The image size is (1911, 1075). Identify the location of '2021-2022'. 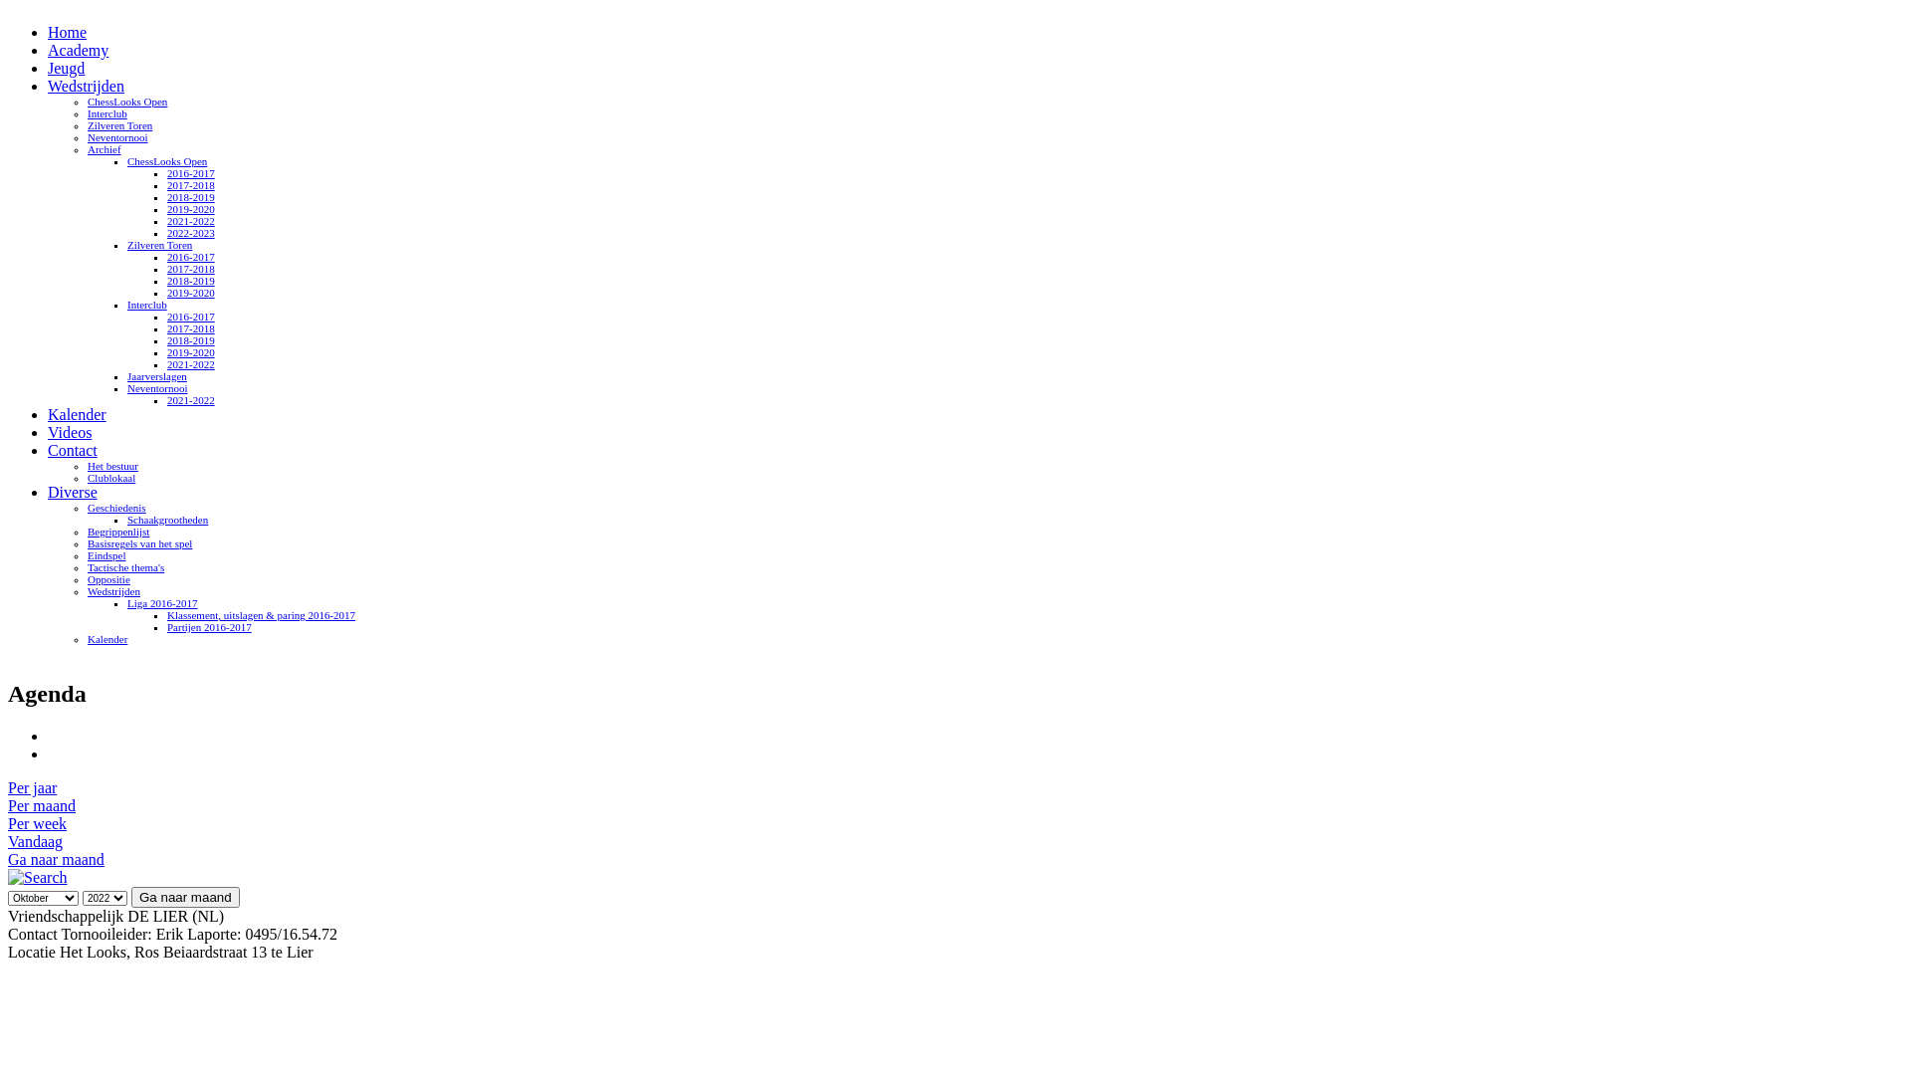
(191, 364).